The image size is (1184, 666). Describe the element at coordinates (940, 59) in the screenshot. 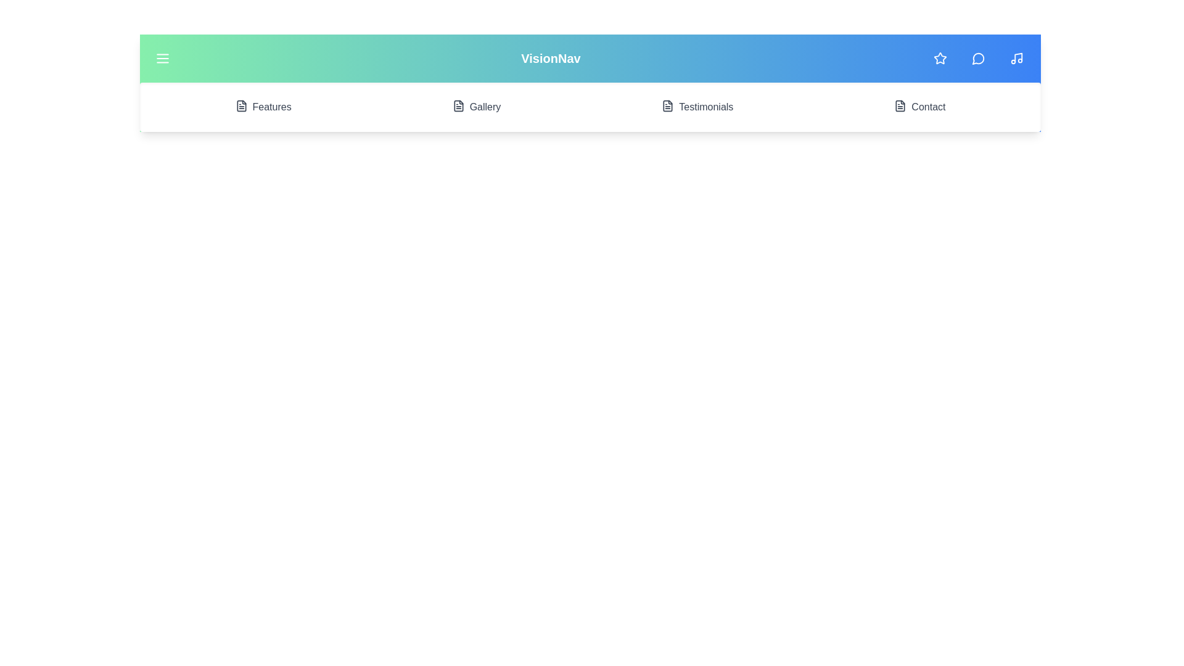

I see `the Star icon in the navigation bar` at that location.